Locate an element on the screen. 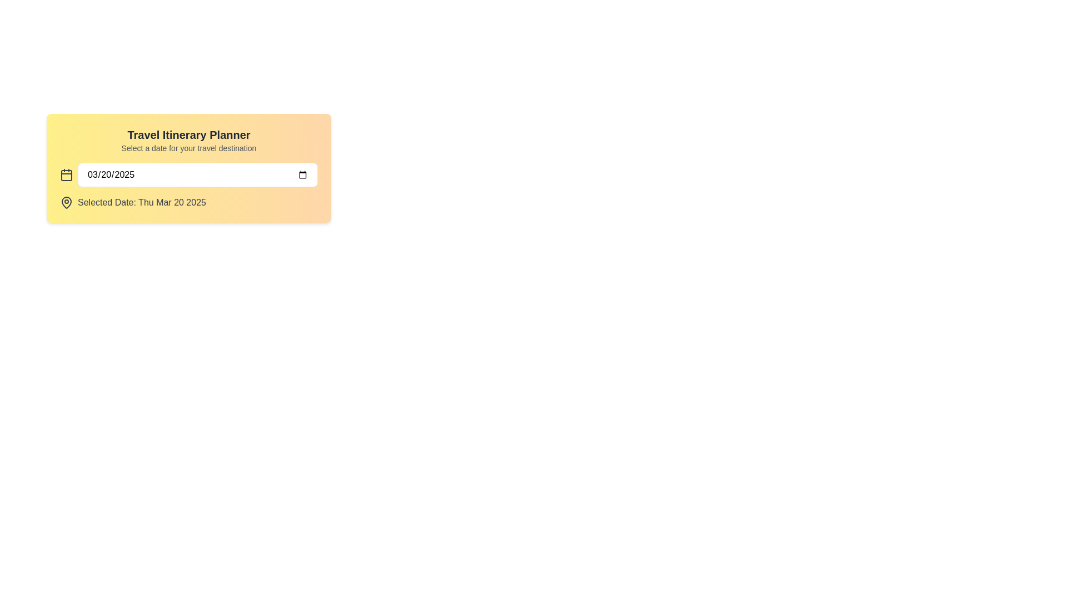  the decorative icon that indicates the association of the date with a location, located to the left of the text 'Selected Date: Thu Mar 20 2025' is located at coordinates (66, 203).